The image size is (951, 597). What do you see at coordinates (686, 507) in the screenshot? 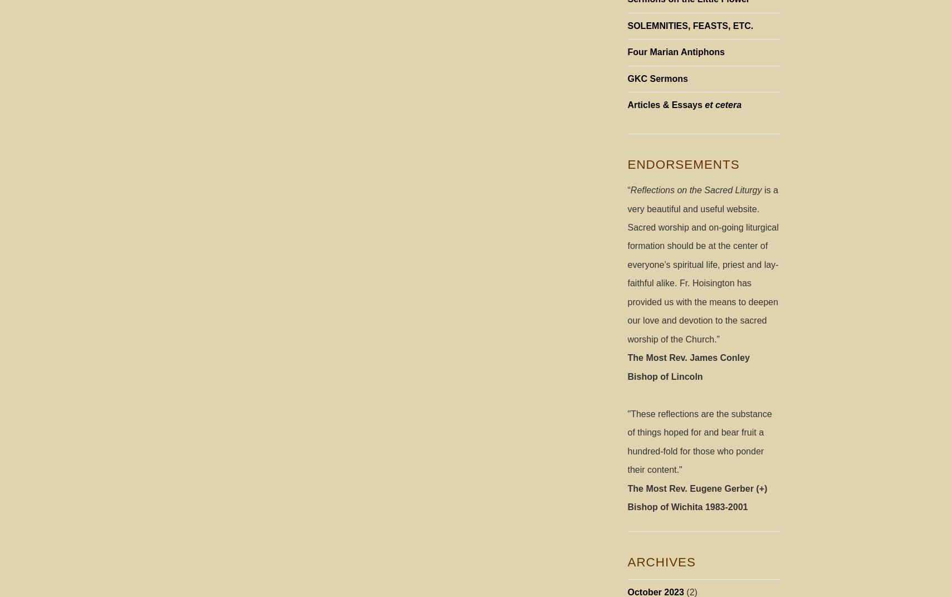
I see `'Bishop of Wichita 1983-2001'` at bounding box center [686, 507].